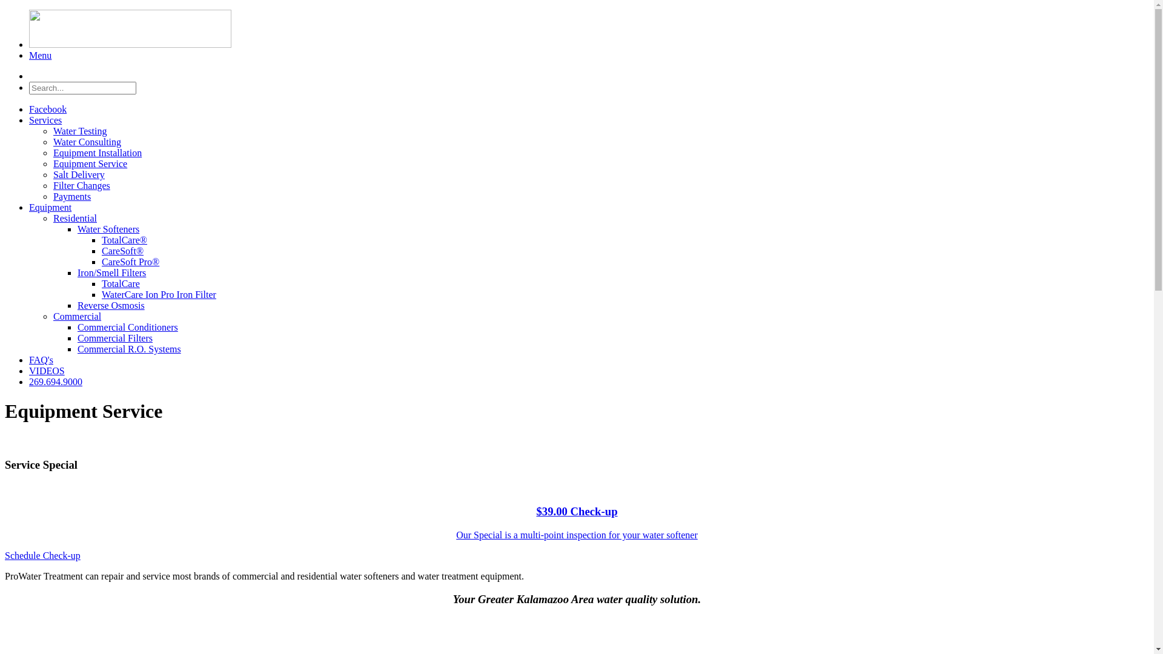  What do you see at coordinates (77, 272) in the screenshot?
I see `'Iron/Smell Filters'` at bounding box center [77, 272].